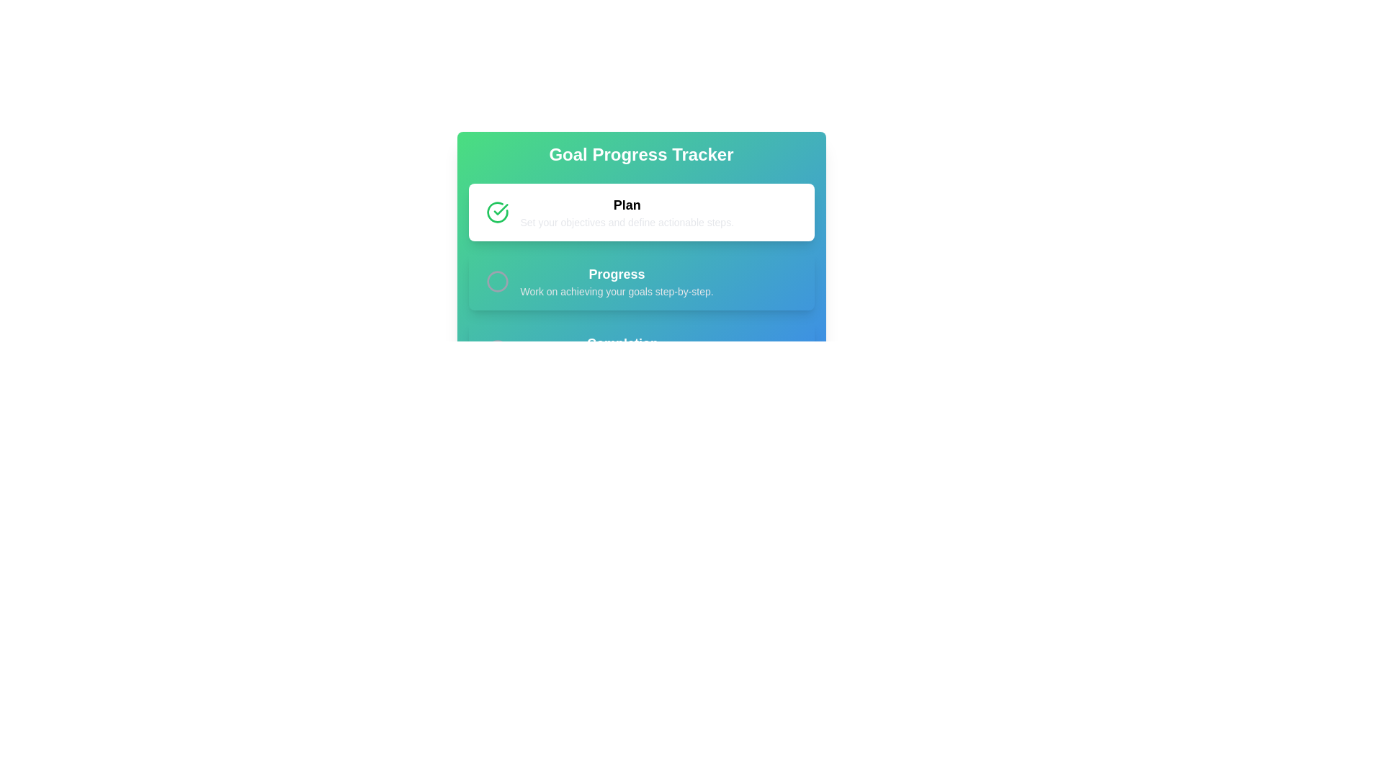 The width and height of the screenshot is (1383, 778). Describe the element at coordinates (497, 212) in the screenshot. I see `the Circular Checkmark icon that indicates the completion of the 'Plan' step, which is located to the left of the text 'Set your objectives and define actionable steps.'` at that location.